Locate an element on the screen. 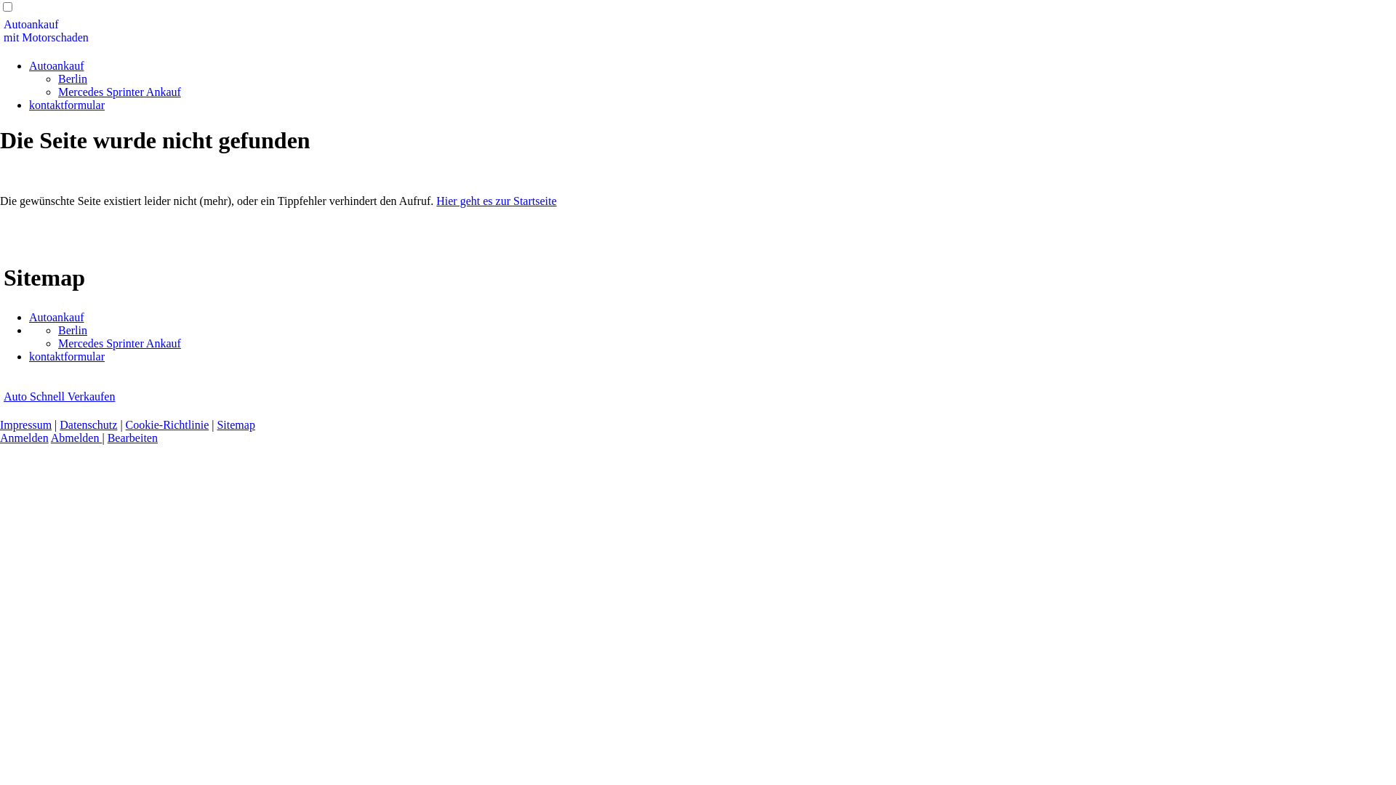  'Berlin' is located at coordinates (72, 330).